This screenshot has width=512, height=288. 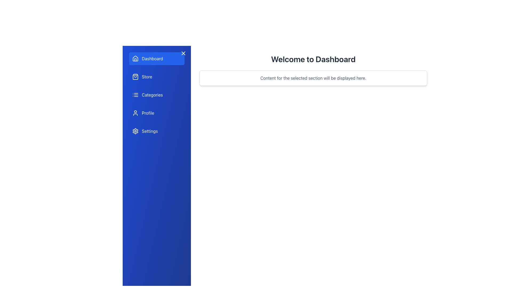 I want to click on the house-shaped icon element located in the left-side navigation menu under the 'Dashboard' section, so click(x=135, y=58).